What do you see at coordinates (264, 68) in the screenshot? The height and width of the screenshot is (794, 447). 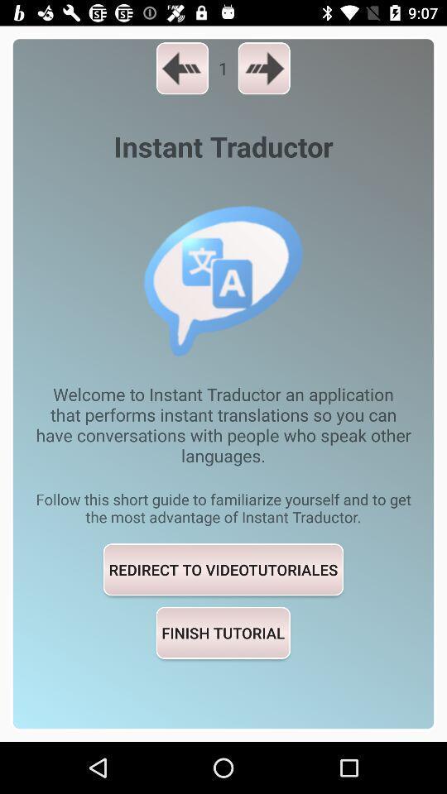 I see `the arrow_forward icon` at bounding box center [264, 68].